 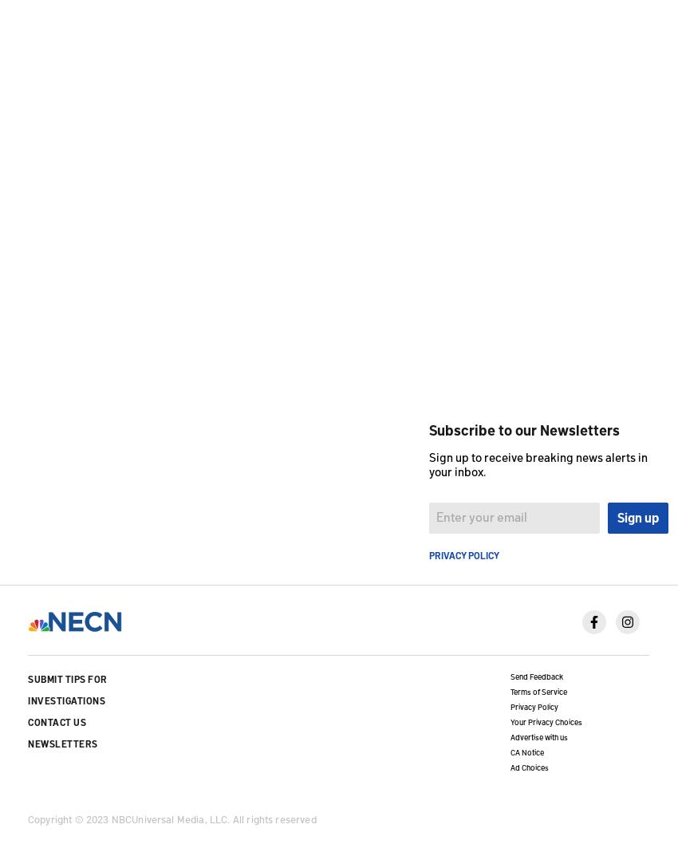 I want to click on 'Submit Tips for Investigations', so click(x=27, y=688).